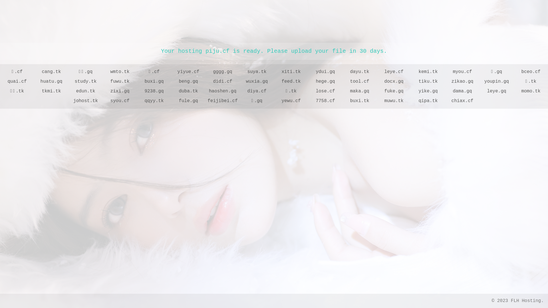 The width and height of the screenshot is (548, 308). I want to click on 'wuxia.gq', so click(257, 81).